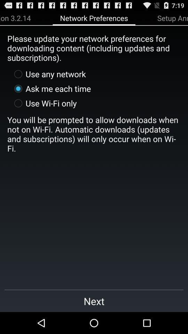 The image size is (188, 334). I want to click on the app to the right of network preferences icon, so click(172, 17).